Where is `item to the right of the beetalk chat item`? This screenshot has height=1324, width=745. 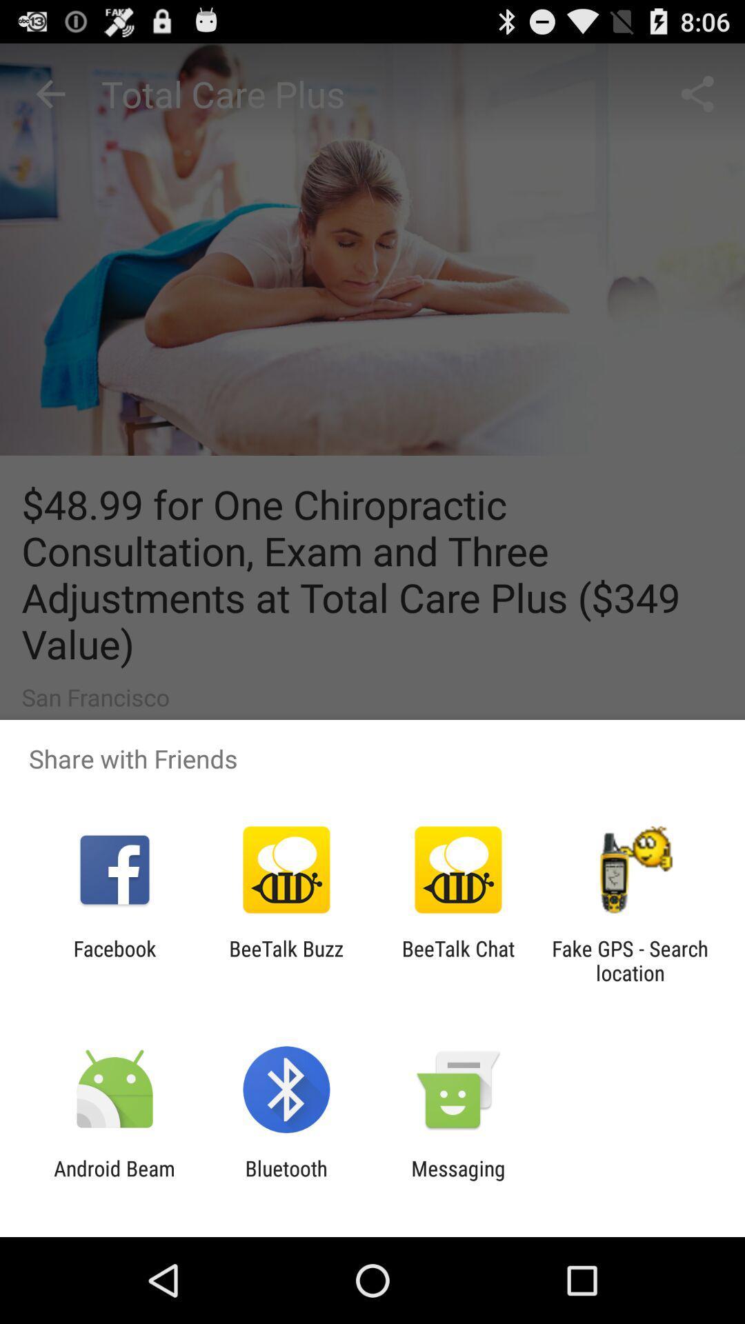 item to the right of the beetalk chat item is located at coordinates (630, 960).